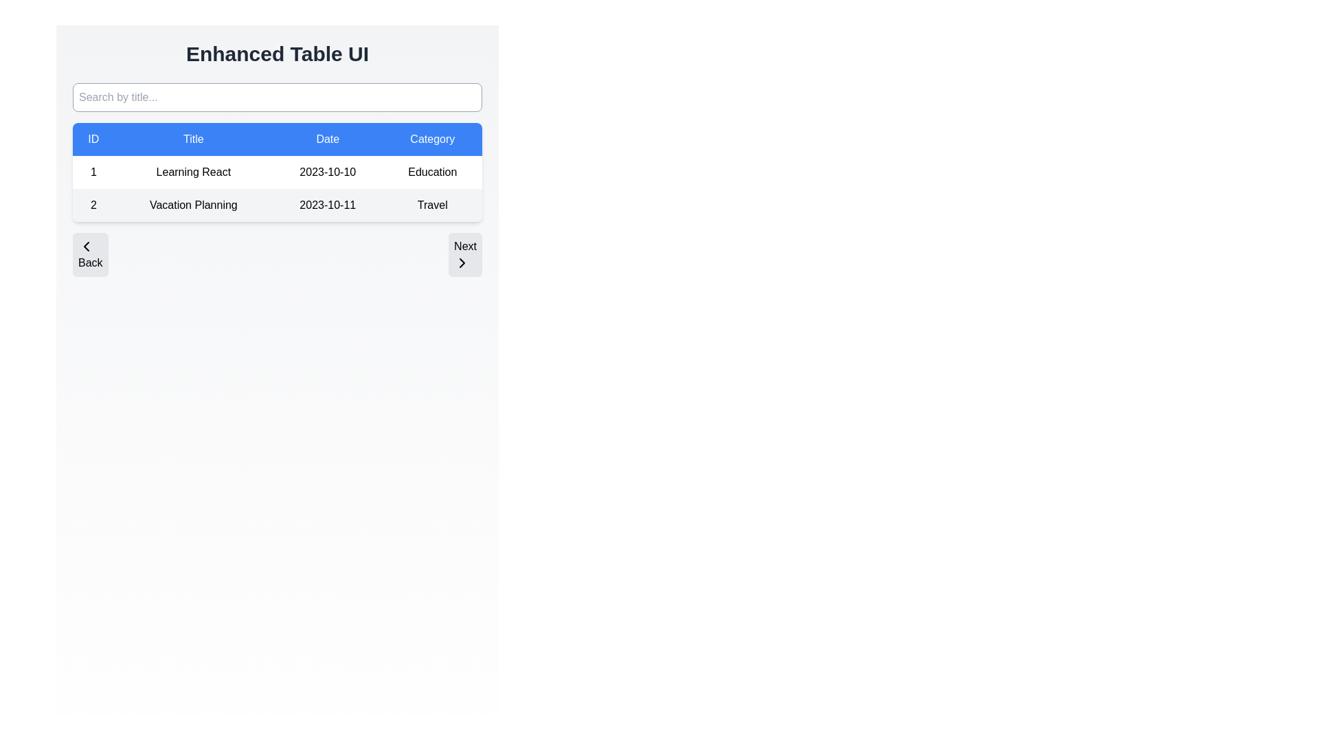 The image size is (1319, 742). Describe the element at coordinates (93, 139) in the screenshot. I see `the 'ID' text label, which is the first column header in the table header row, displayed in white text on a blue background` at that location.